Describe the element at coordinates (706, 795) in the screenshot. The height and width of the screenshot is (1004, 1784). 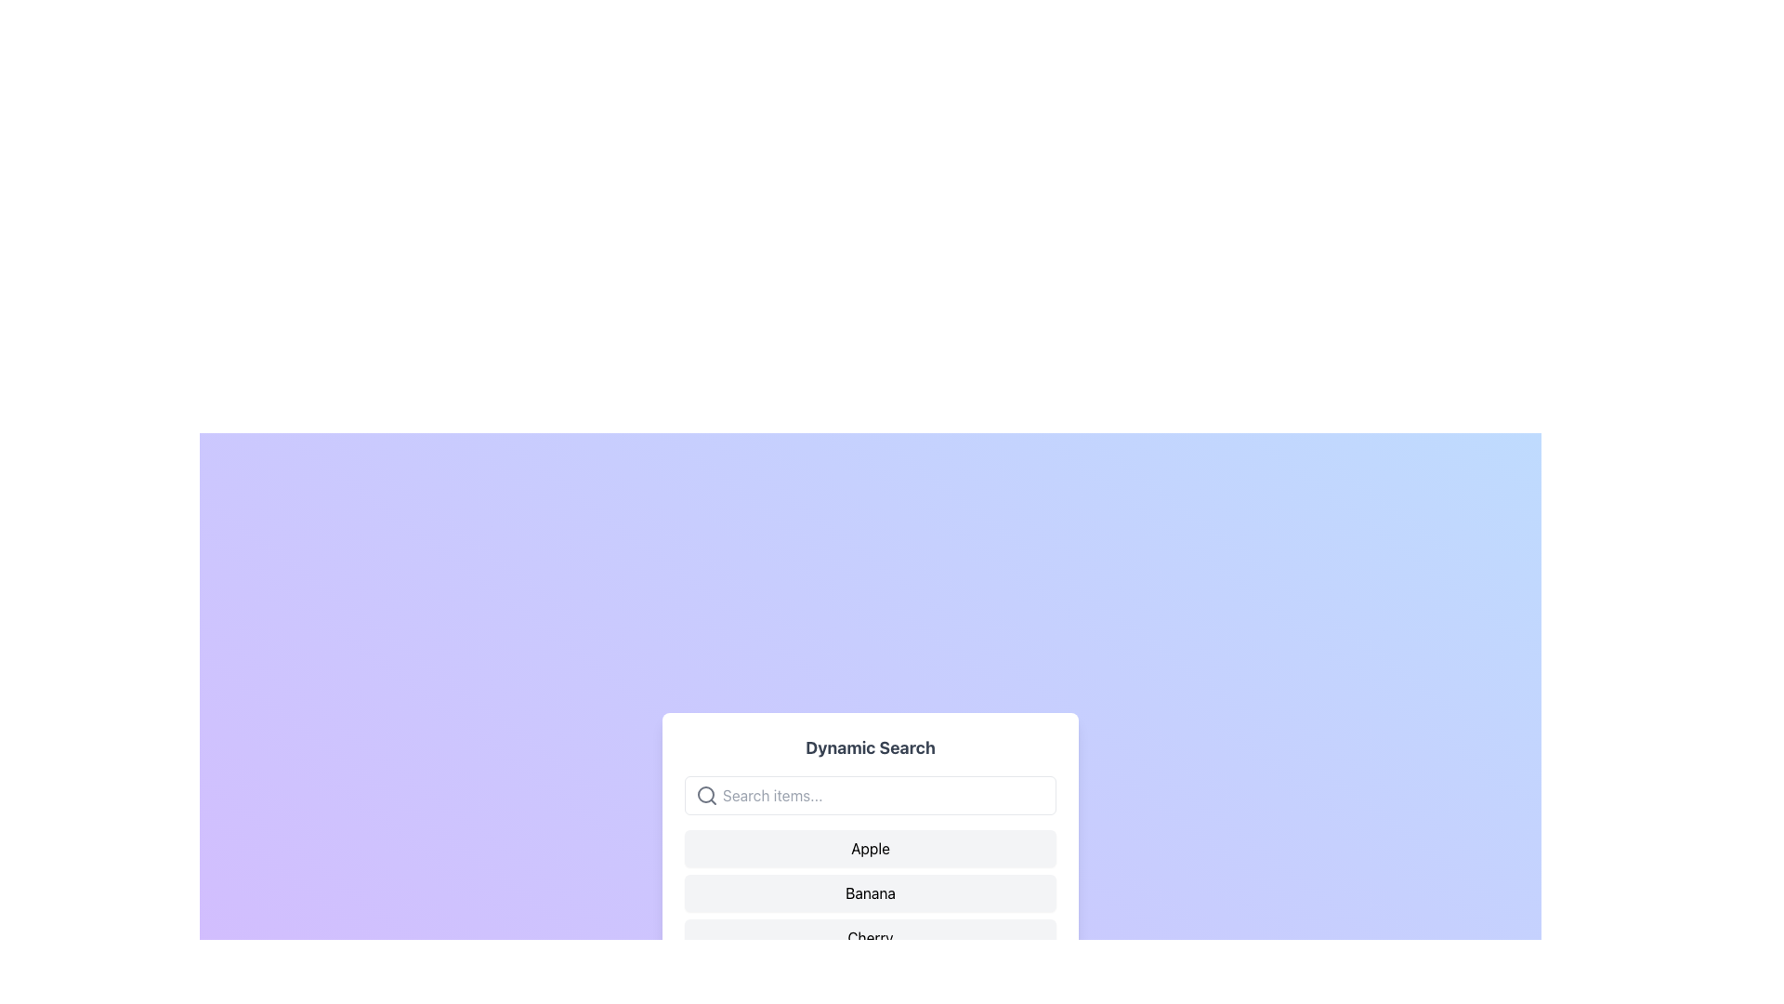
I see `the search icon located at the top-left of the search input field` at that location.